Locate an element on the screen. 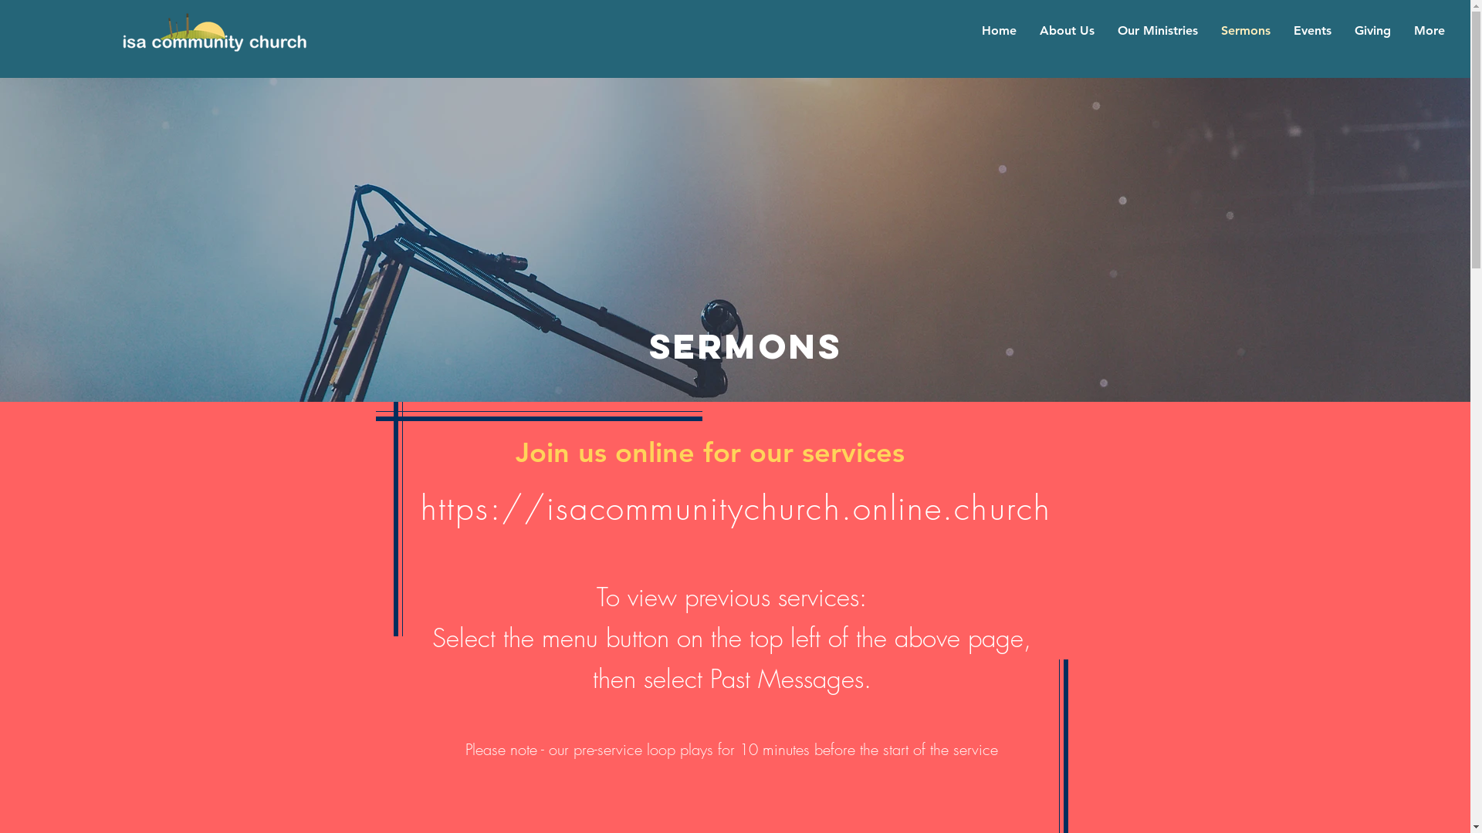  'Our Ministries' is located at coordinates (1156, 30).